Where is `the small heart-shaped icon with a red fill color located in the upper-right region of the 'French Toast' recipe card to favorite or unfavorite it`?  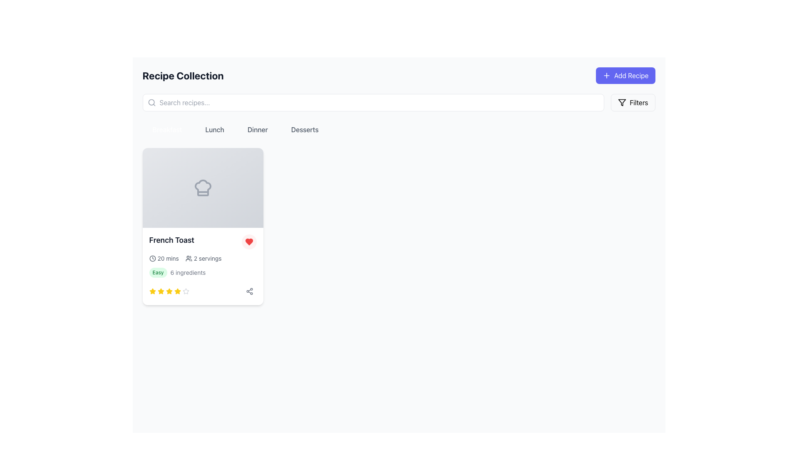 the small heart-shaped icon with a red fill color located in the upper-right region of the 'French Toast' recipe card to favorite or unfavorite it is located at coordinates (248, 242).